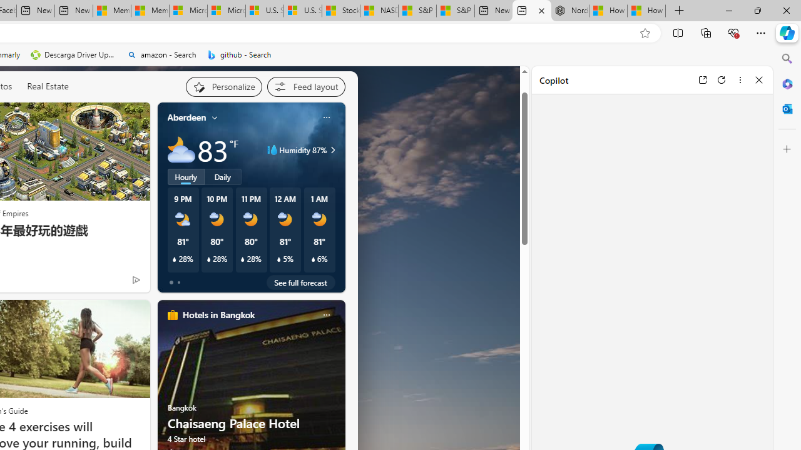  I want to click on 'Descarga Driver Updater', so click(73, 54).